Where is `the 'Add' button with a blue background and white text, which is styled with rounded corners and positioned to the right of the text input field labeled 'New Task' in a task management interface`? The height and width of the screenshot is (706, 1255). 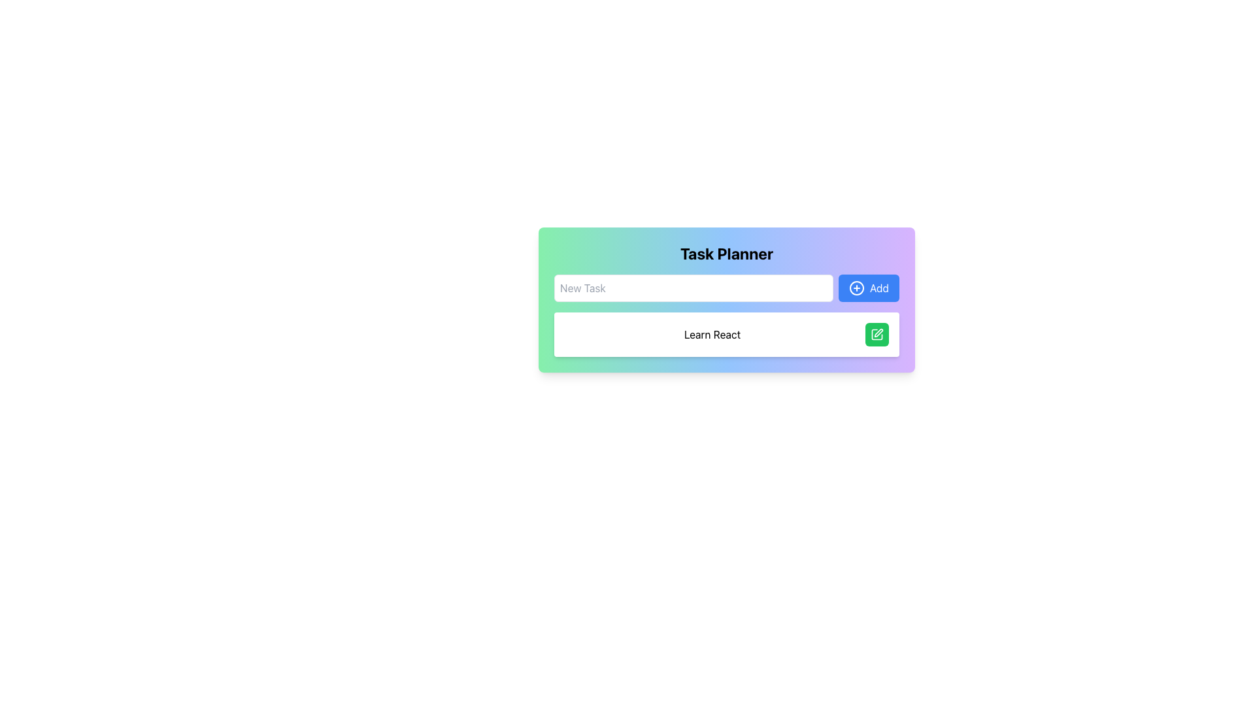
the 'Add' button with a blue background and white text, which is styled with rounded corners and positioned to the right of the text input field labeled 'New Task' in a task management interface is located at coordinates (869, 287).